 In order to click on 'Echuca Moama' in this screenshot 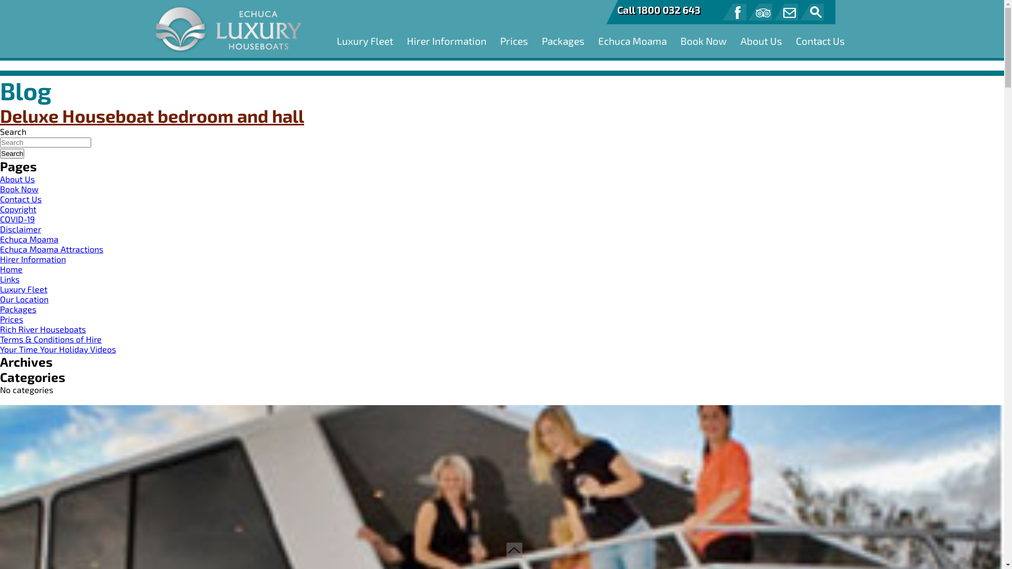, I will do `click(588, 40)`.